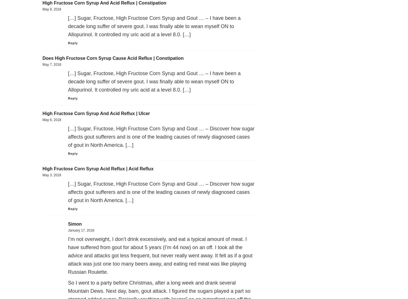 The width and height of the screenshot is (408, 299). I want to click on 'I’m not overweight, I don’t drink excessively, and eat a typical amount of meat. I have suffered from gout for about 5 years (I’m 44 now) on an off. I took all the advice and attacks got less frequent, but never really went away. It felt as if a gout attack was just one too many beers away, and eating red meat was like playing Russian Roulette.', so click(160, 255).